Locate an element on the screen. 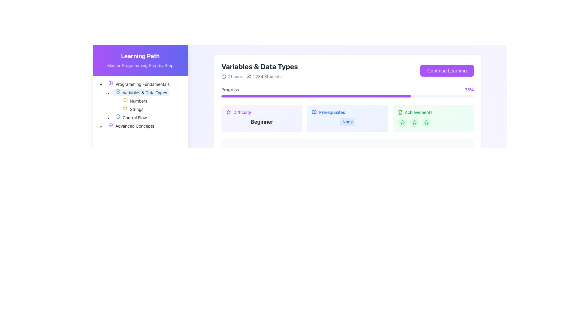  the Progress Bar element located in the 'Variables & Data Types' section is located at coordinates (348, 92).